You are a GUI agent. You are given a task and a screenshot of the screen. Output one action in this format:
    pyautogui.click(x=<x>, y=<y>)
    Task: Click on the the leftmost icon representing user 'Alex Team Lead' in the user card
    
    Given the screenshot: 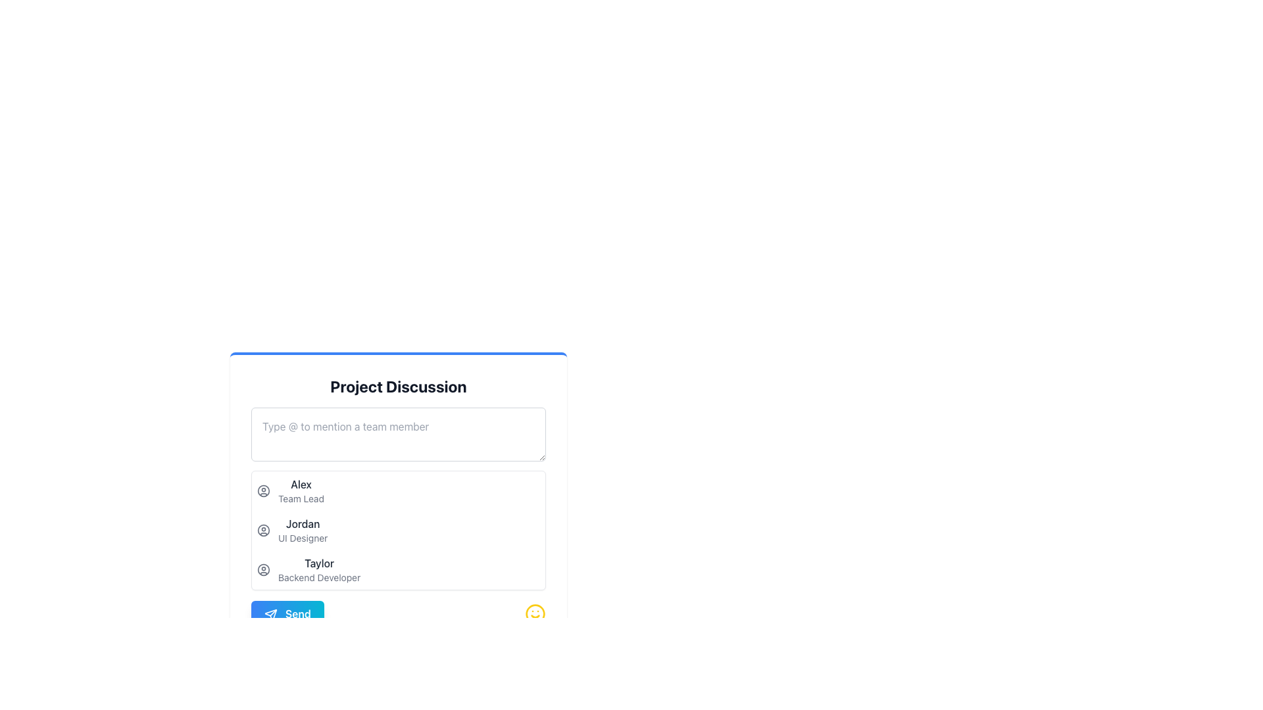 What is the action you would take?
    pyautogui.click(x=263, y=491)
    